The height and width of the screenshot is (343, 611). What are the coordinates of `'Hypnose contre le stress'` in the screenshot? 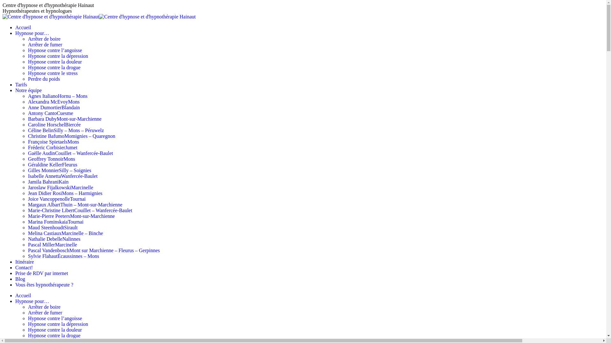 It's located at (53, 73).